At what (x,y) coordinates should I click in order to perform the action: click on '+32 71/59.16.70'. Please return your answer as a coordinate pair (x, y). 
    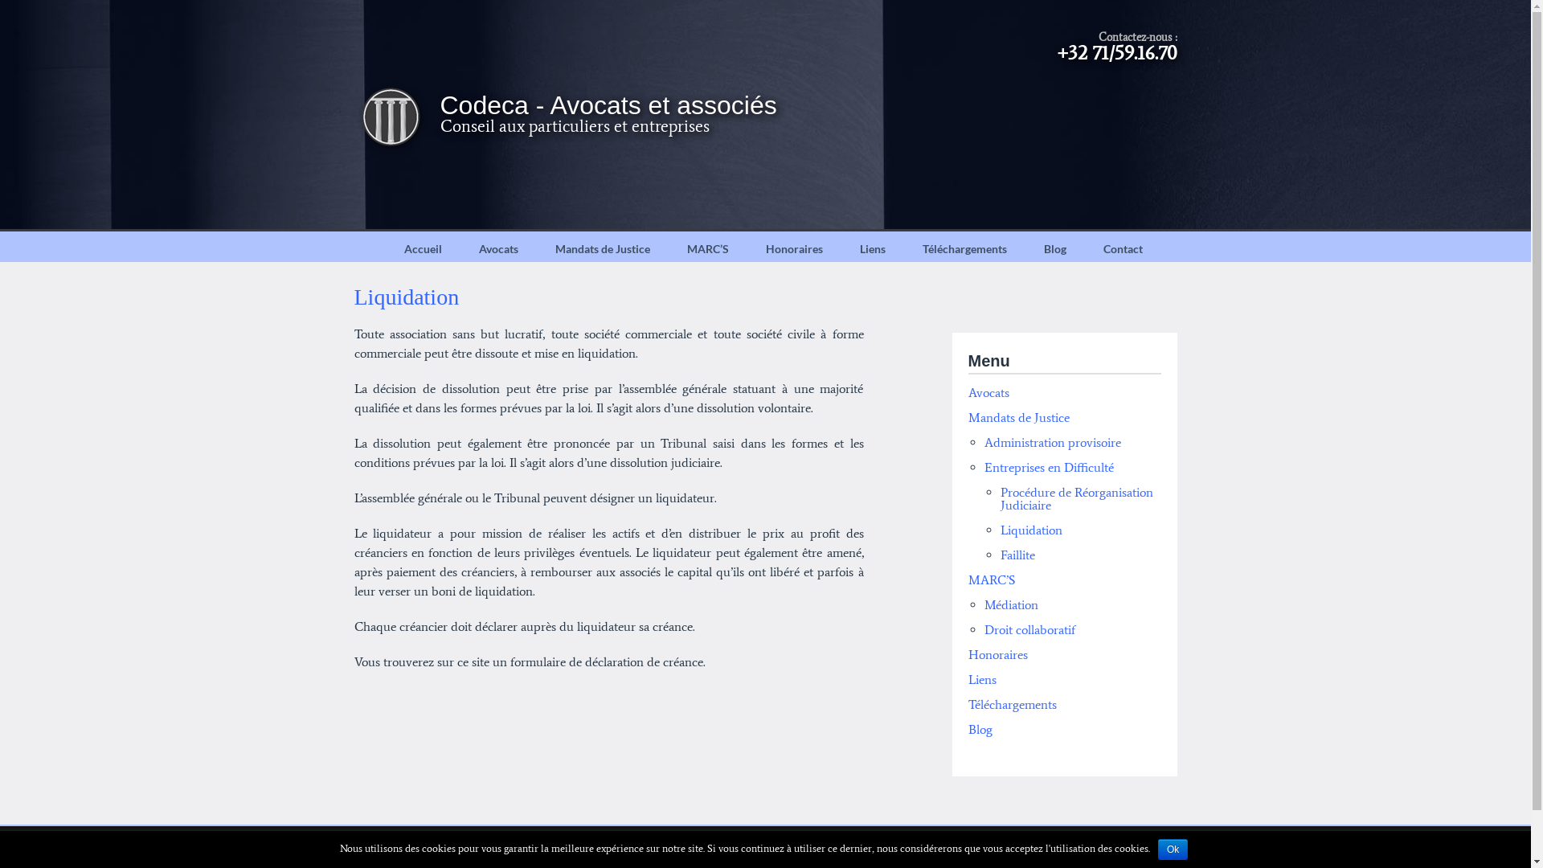
    Looking at the image, I should click on (1116, 51).